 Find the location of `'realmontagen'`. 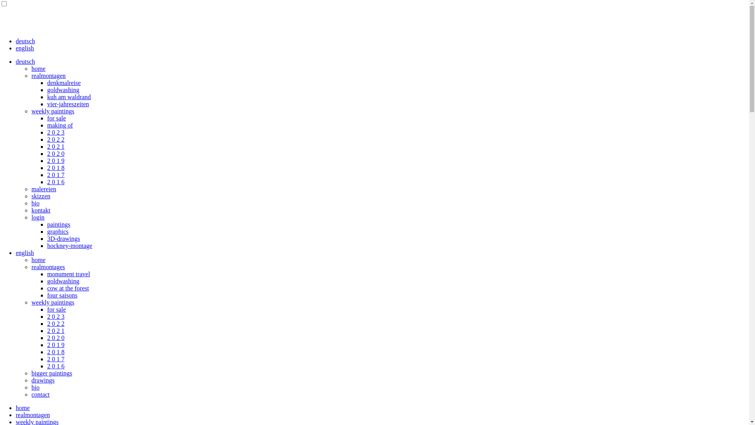

'realmontagen' is located at coordinates (48, 76).